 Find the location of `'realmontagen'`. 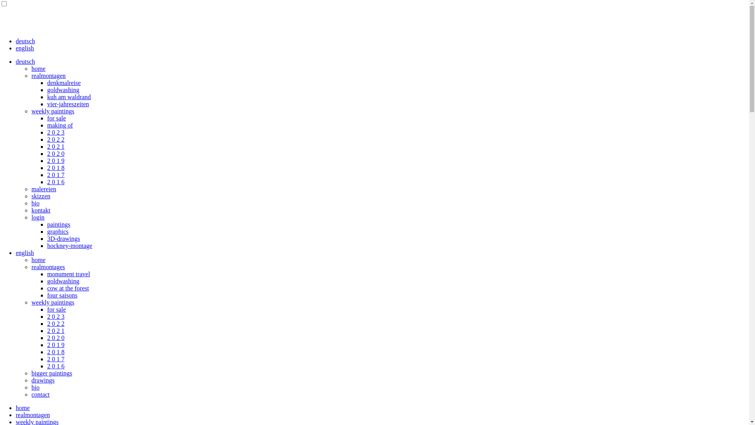

'realmontagen' is located at coordinates (48, 76).